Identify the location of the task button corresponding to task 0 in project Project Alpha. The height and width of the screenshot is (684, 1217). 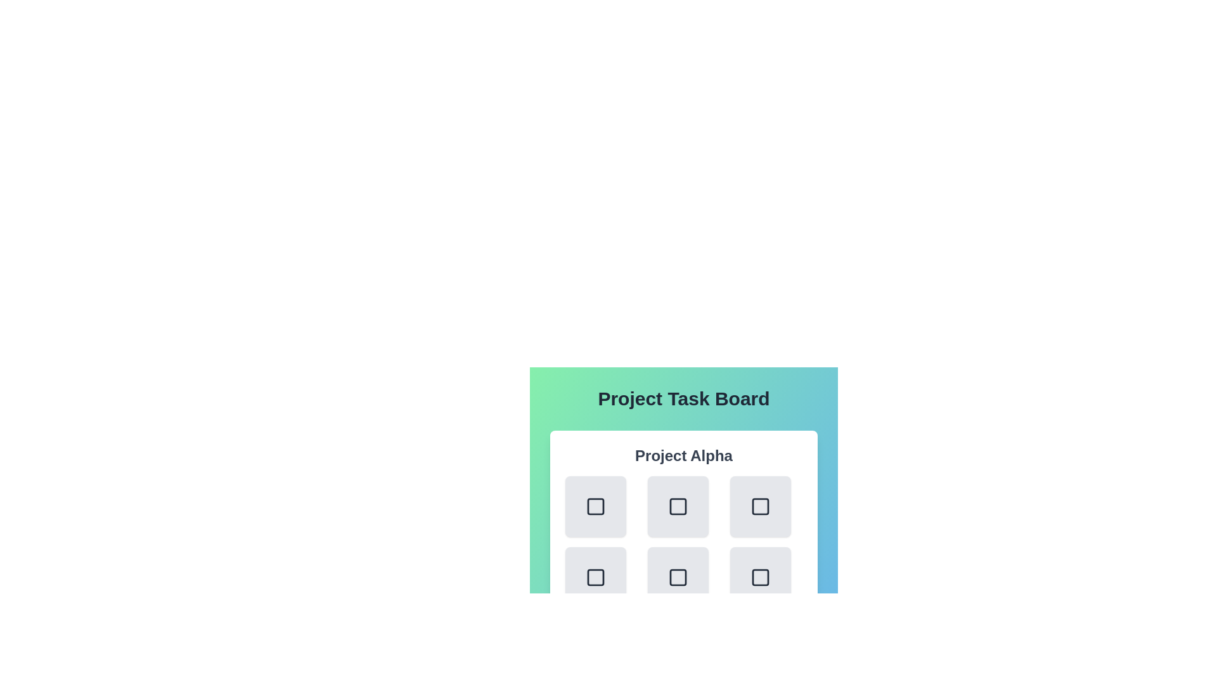
(595, 505).